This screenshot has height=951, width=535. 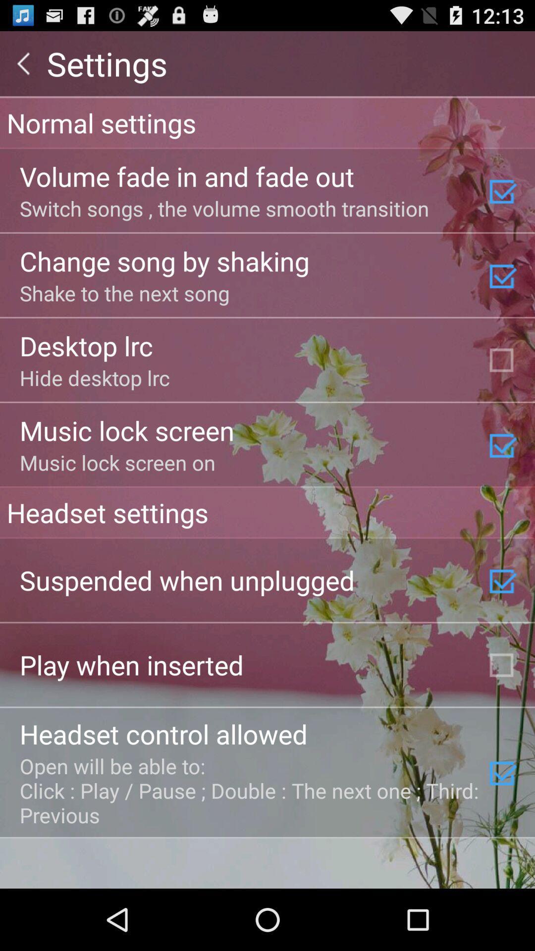 What do you see at coordinates (250, 790) in the screenshot?
I see `the icon at the bottom` at bounding box center [250, 790].